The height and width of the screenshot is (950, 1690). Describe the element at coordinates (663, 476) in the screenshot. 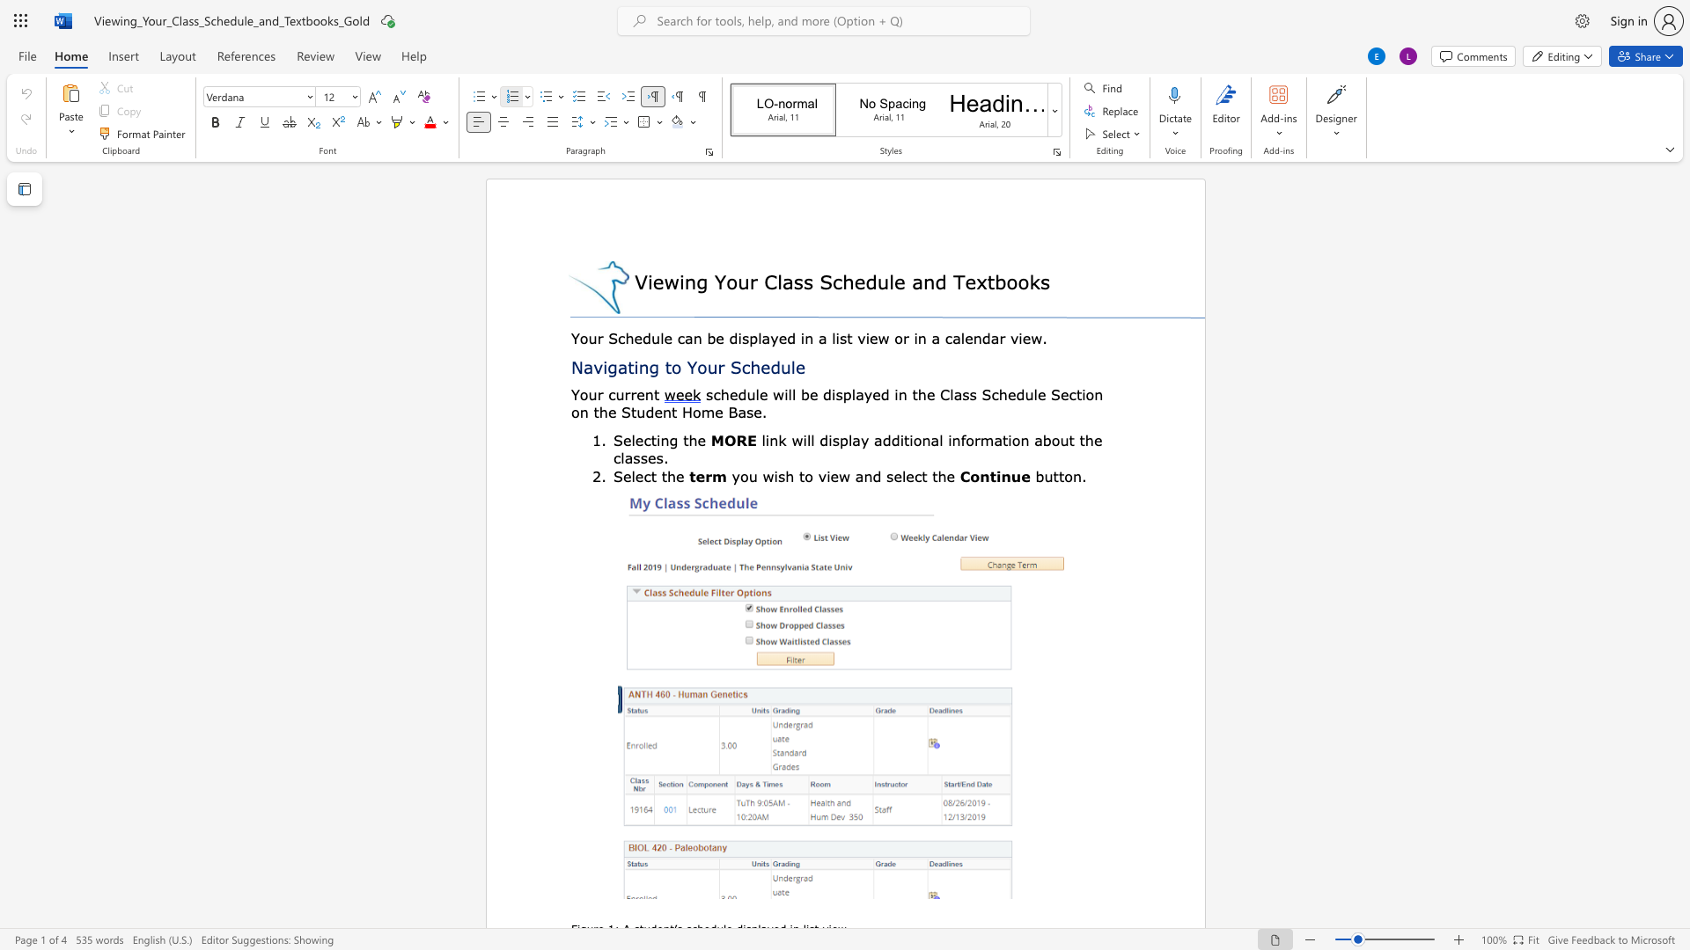

I see `the 2th character "t" in the text` at that location.